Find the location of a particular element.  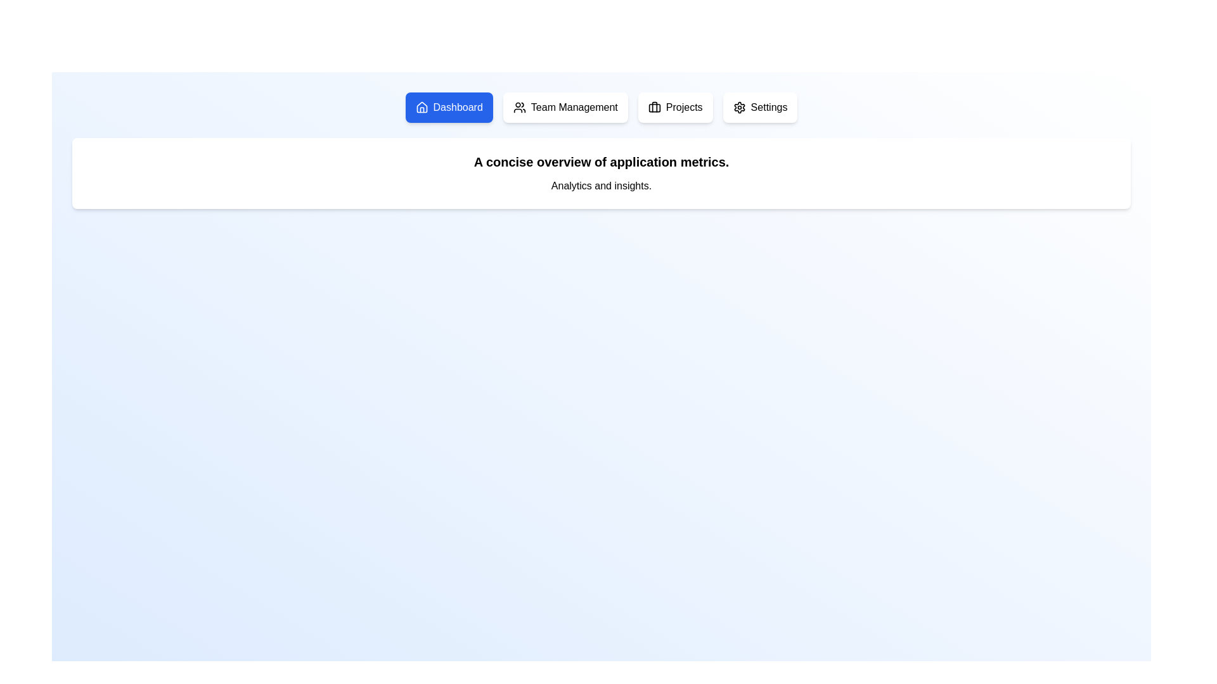

the 'Settings' text element in the navigation bar for a visual effect, which is styled with sans-serif typography and is the last option after 'Projects' is located at coordinates (768, 106).